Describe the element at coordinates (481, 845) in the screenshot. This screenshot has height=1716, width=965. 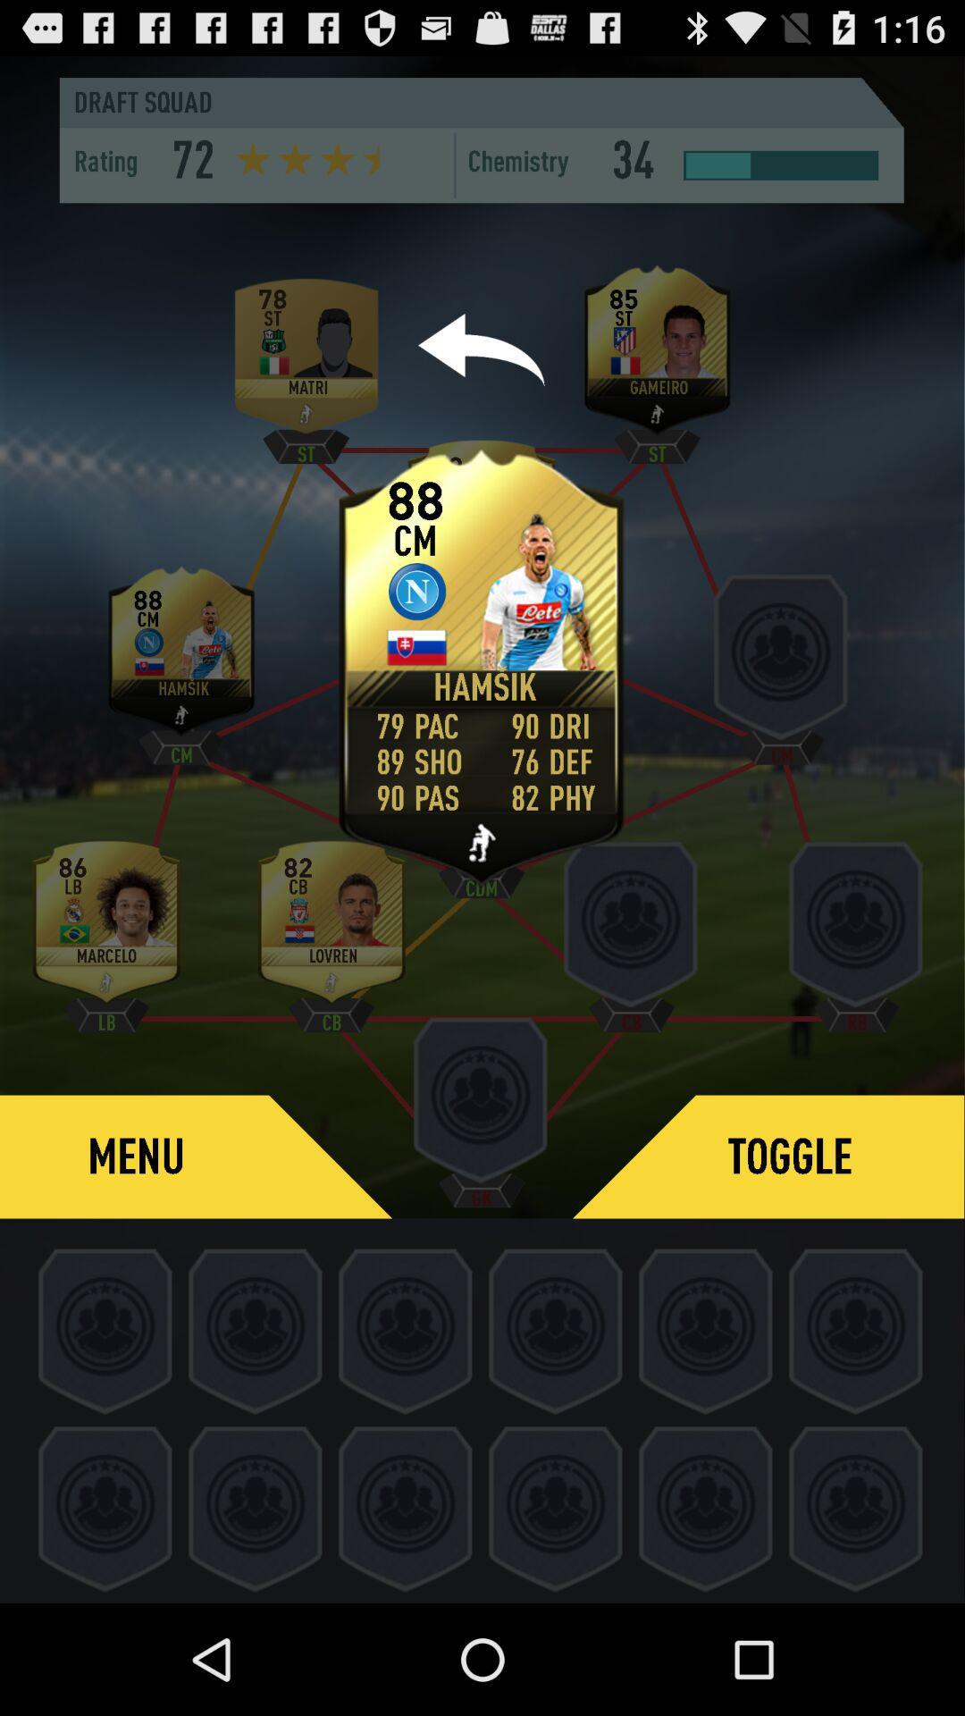
I see `the play icon` at that location.